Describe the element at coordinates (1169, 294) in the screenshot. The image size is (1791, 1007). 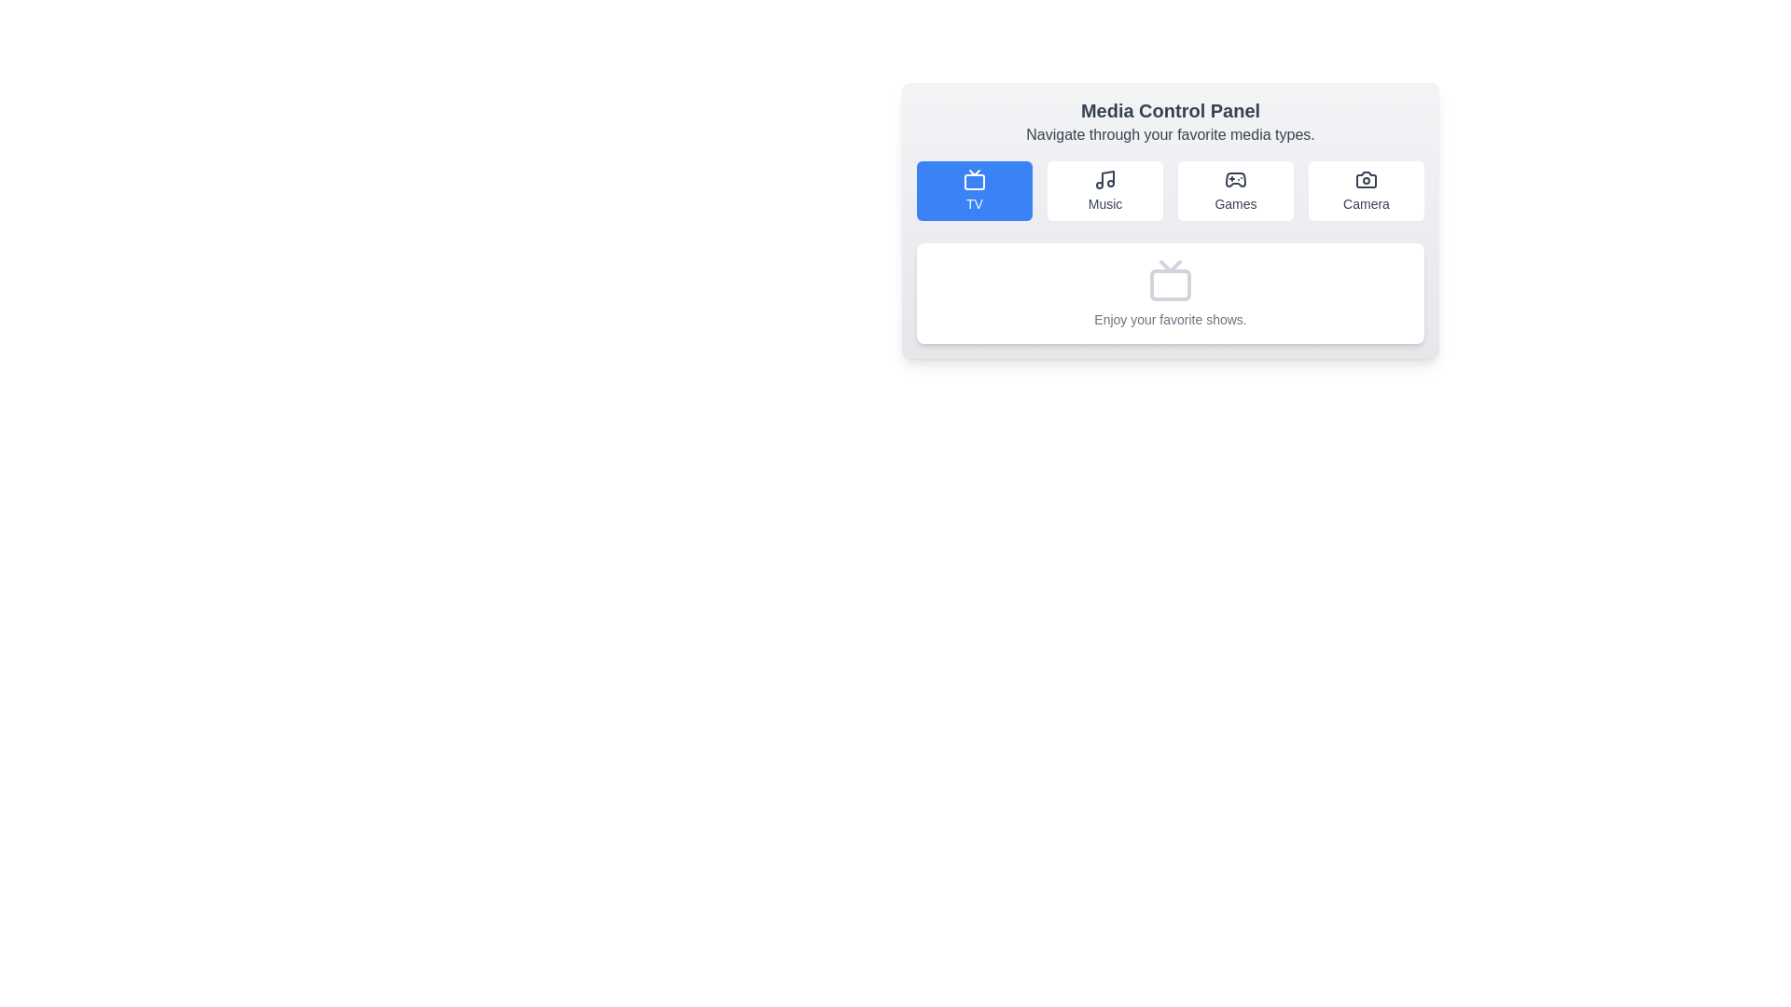
I see `the Informational Panel, which is a rectangular component with a white background, rounded corners, and a shadow effect, featuring a centered TV icon and the text 'Enjoy your favorite shows.' underneath` at that location.